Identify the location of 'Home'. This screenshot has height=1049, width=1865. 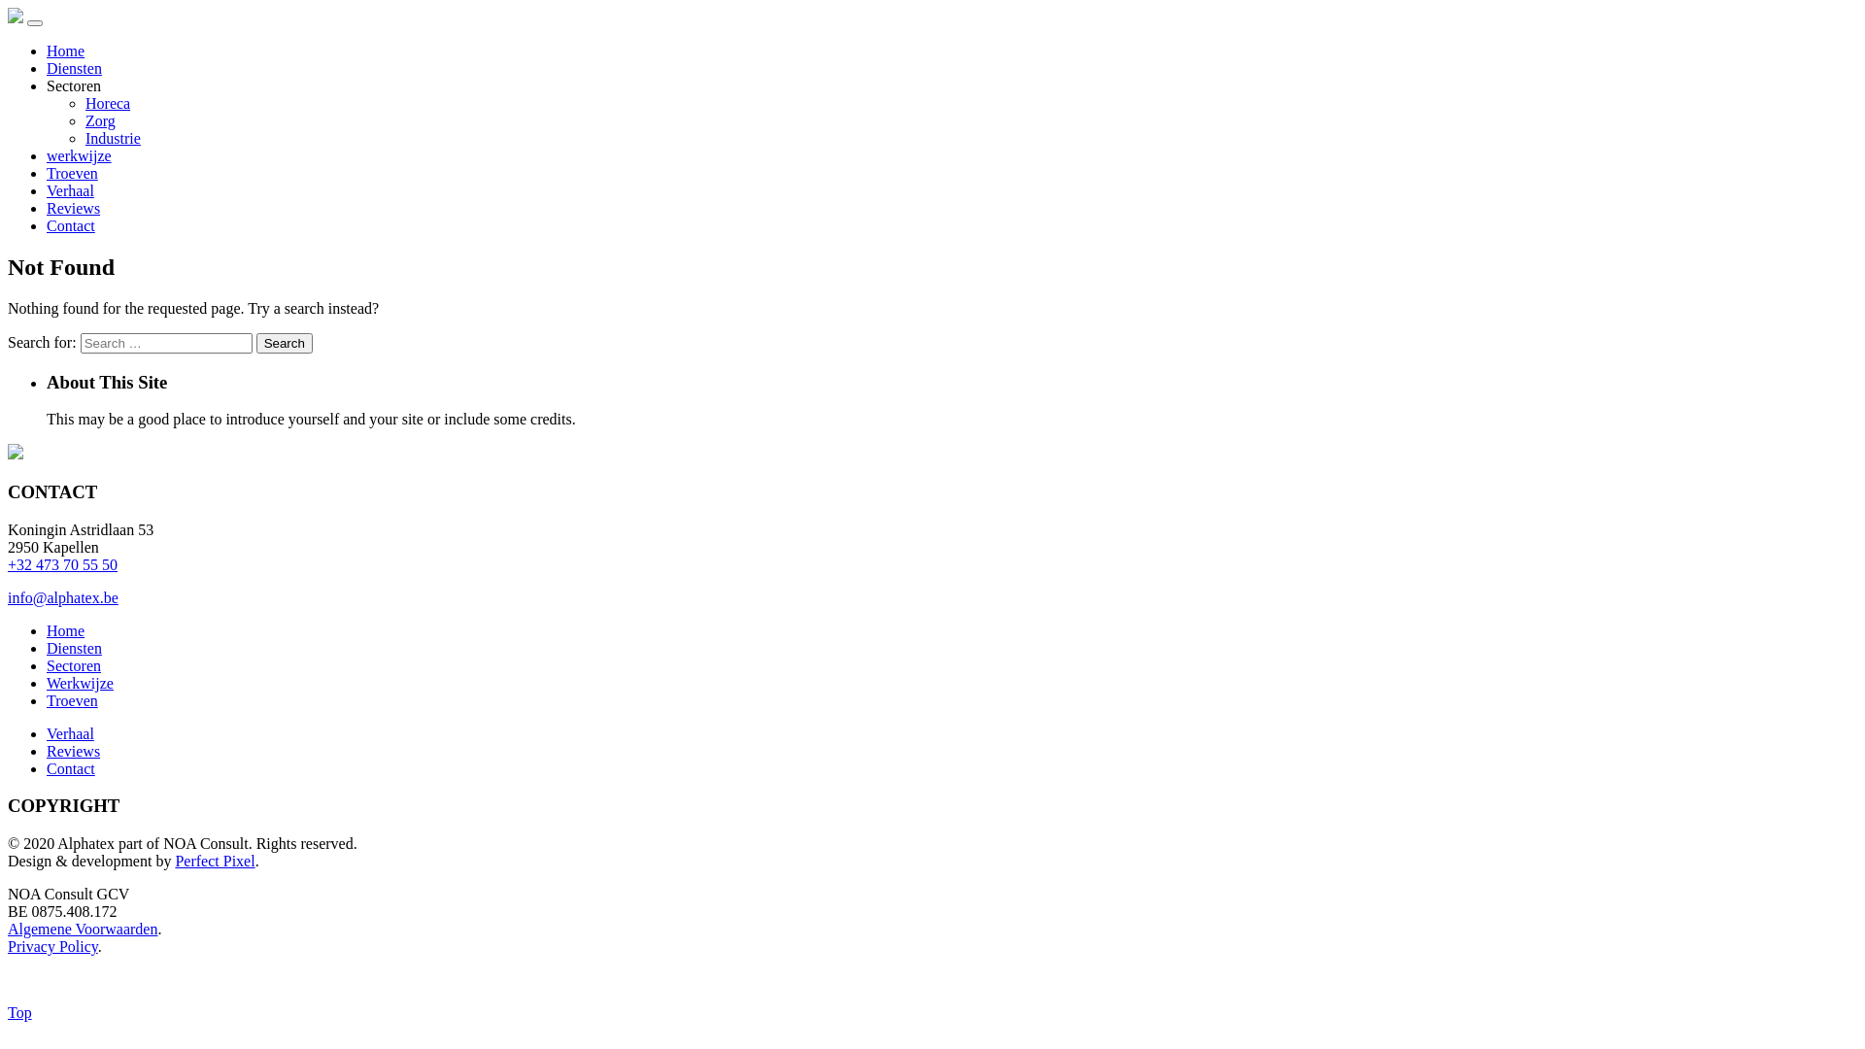
(65, 630).